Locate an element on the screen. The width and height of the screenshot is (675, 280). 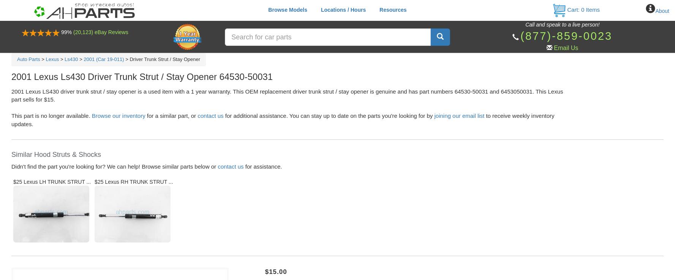
'Browse Models' is located at coordinates (288, 9).